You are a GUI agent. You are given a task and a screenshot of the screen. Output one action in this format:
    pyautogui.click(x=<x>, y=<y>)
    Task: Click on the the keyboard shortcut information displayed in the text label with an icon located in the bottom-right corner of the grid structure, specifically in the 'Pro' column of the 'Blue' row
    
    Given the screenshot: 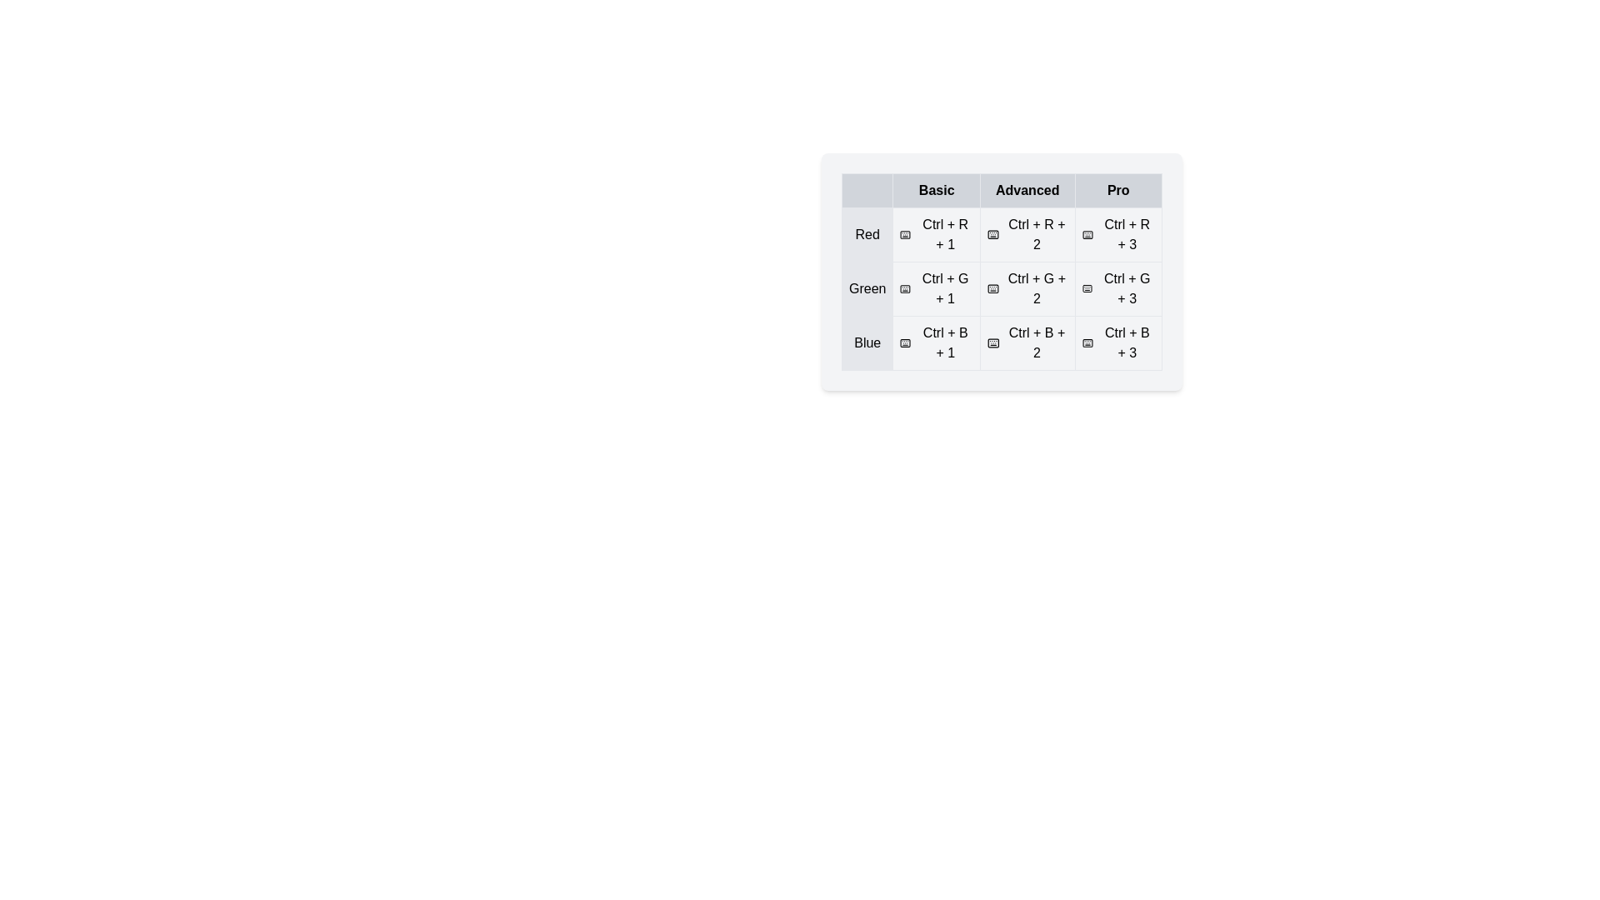 What is the action you would take?
    pyautogui.click(x=1118, y=342)
    